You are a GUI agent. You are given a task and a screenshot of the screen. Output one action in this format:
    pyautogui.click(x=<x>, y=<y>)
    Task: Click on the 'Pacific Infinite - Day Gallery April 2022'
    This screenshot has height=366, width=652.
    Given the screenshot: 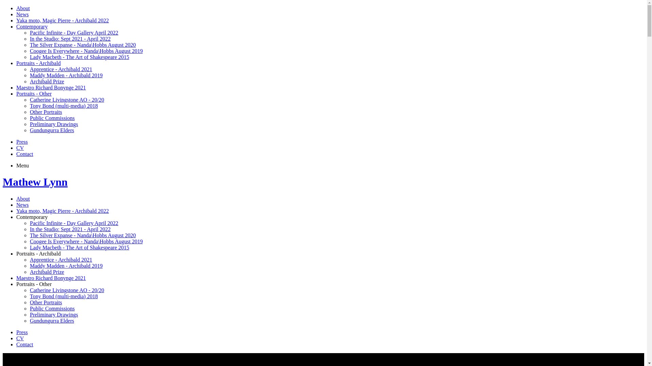 What is the action you would take?
    pyautogui.click(x=74, y=33)
    